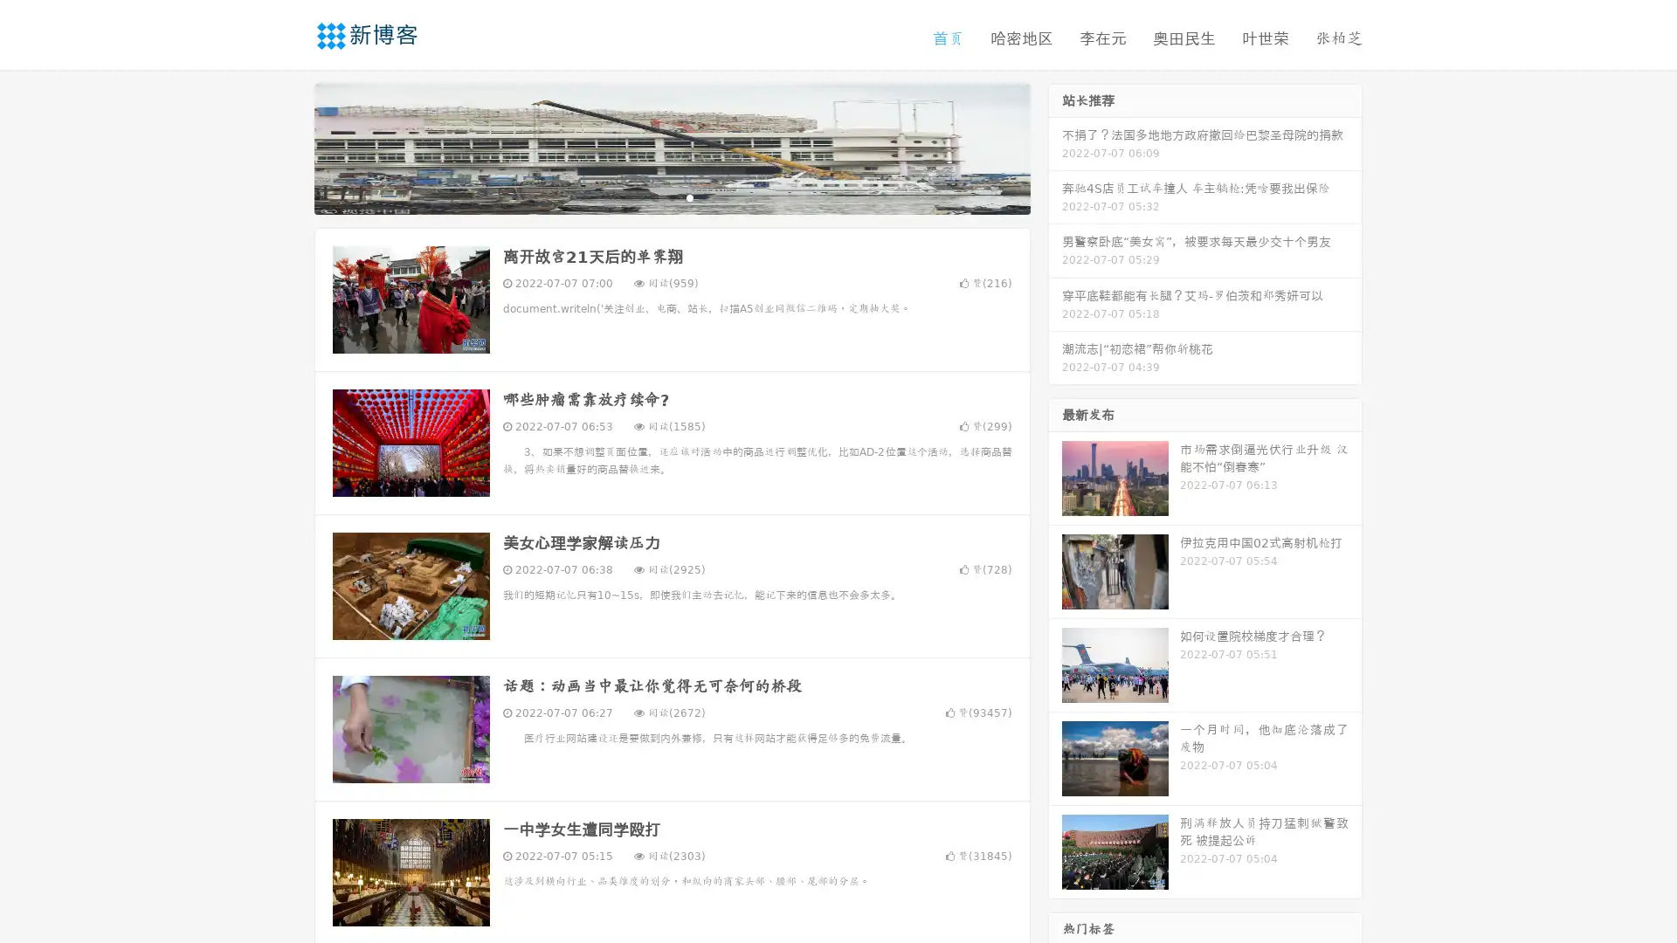  Describe the element at coordinates (1055, 147) in the screenshot. I see `Next slide` at that location.